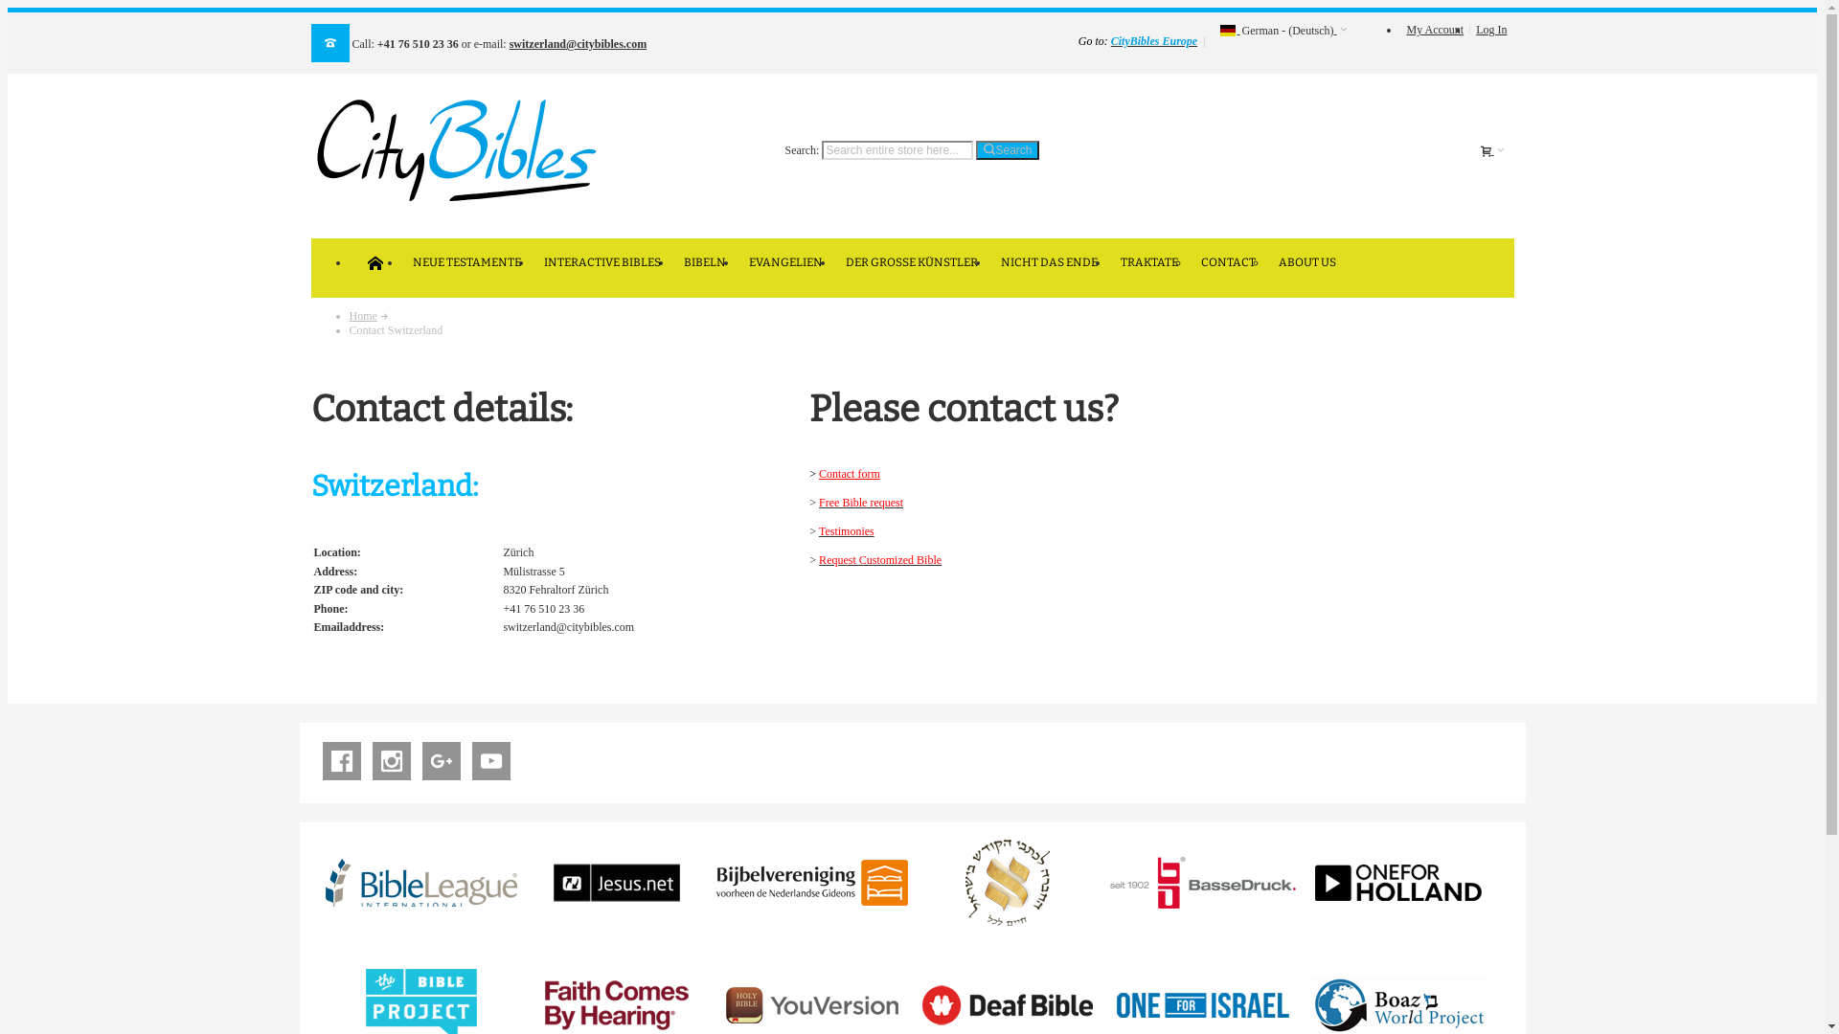  I want to click on 'CityBibles.com', so click(453, 149).